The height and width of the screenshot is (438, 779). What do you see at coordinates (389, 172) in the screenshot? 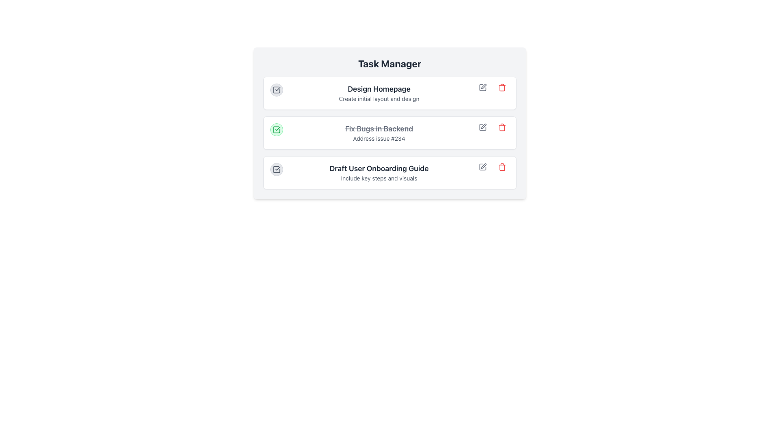
I see `the third list item titled 'Draft User Onboarding Guide' to interact with the embedded icons` at bounding box center [389, 172].